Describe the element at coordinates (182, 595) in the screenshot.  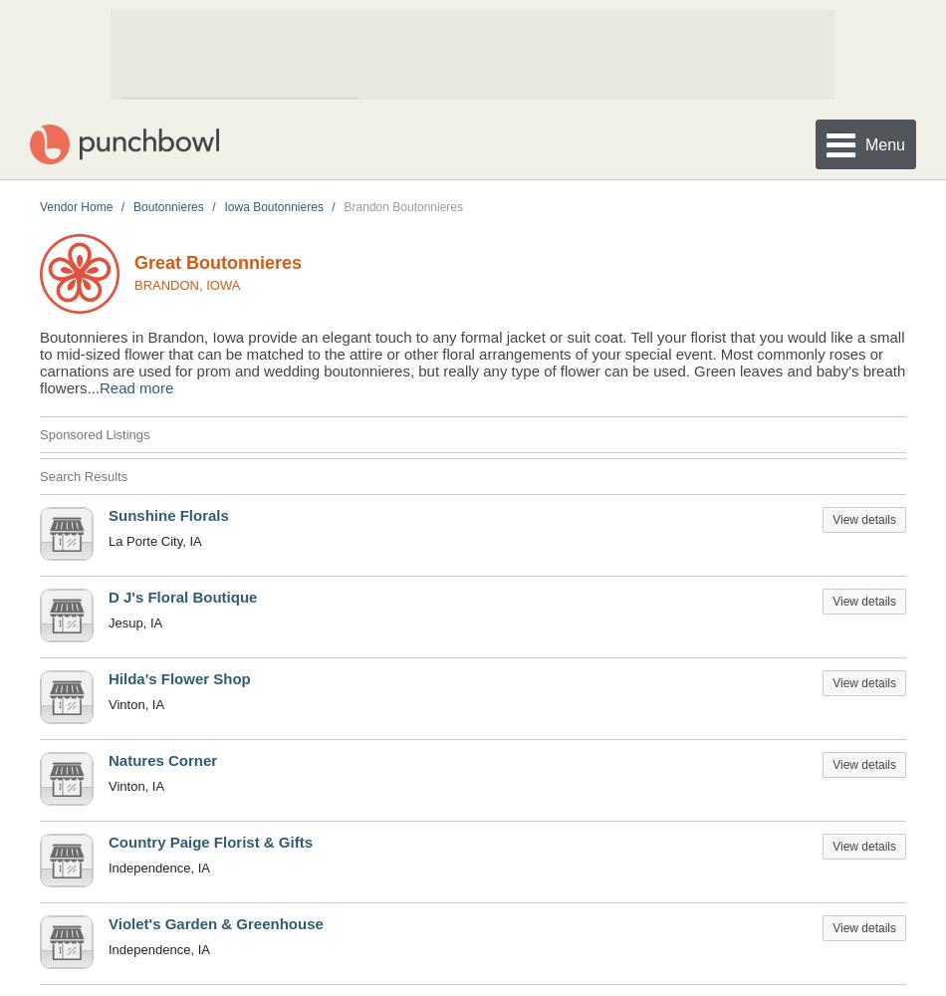
I see `'D J's Floral Boutique'` at that location.